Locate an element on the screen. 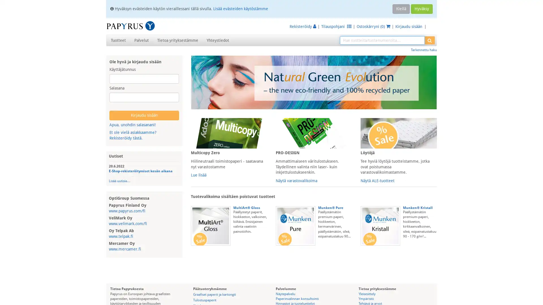 This screenshot has width=543, height=305. Kiella is located at coordinates (401, 9).